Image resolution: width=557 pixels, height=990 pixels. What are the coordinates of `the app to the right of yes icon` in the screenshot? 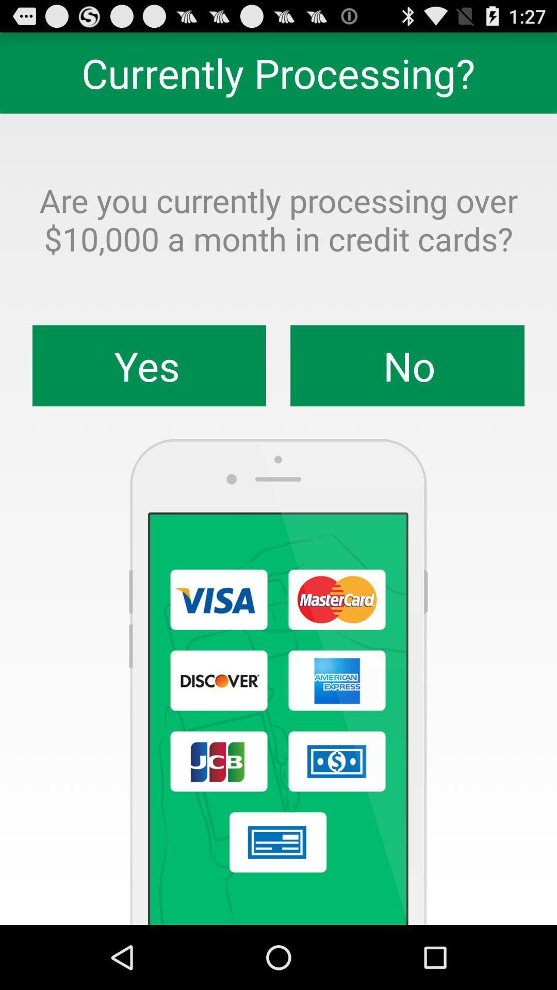 It's located at (407, 366).